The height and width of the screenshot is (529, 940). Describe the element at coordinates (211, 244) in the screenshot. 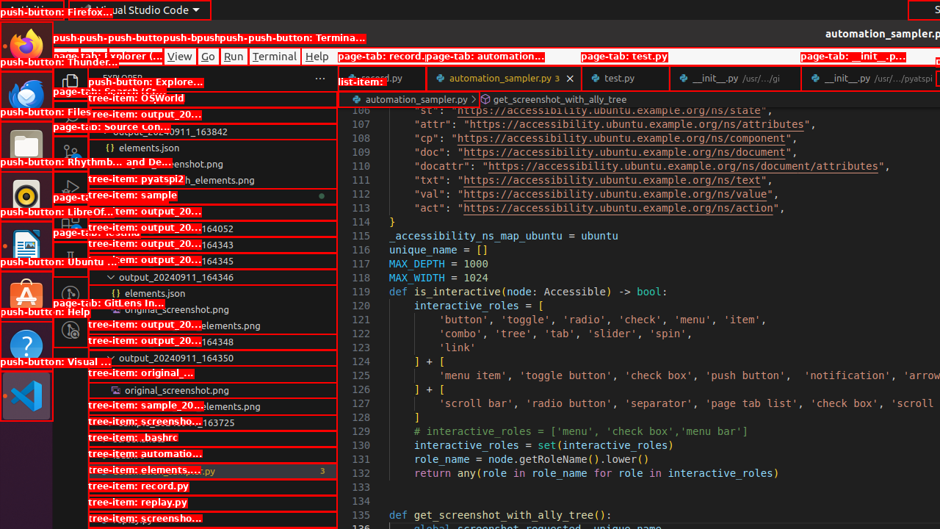

I see `'output_20240911_164343'` at that location.